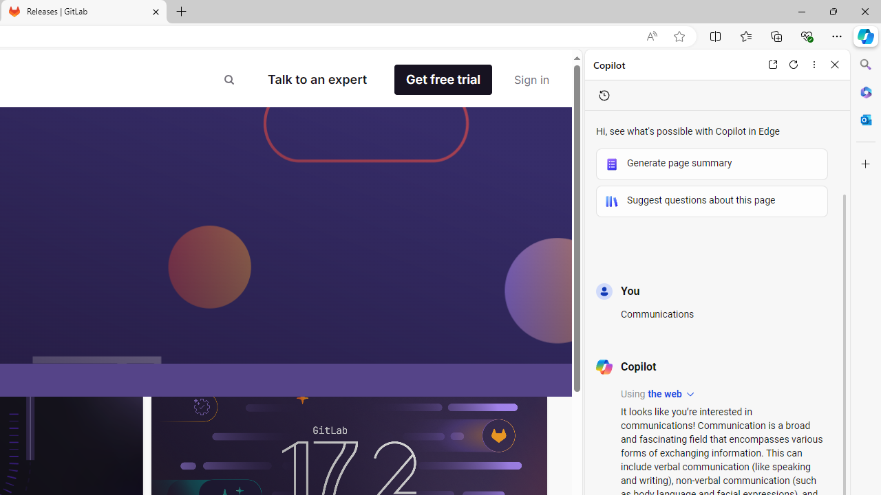  Describe the element at coordinates (317, 79) in the screenshot. I see `'Talk to an expert'` at that location.